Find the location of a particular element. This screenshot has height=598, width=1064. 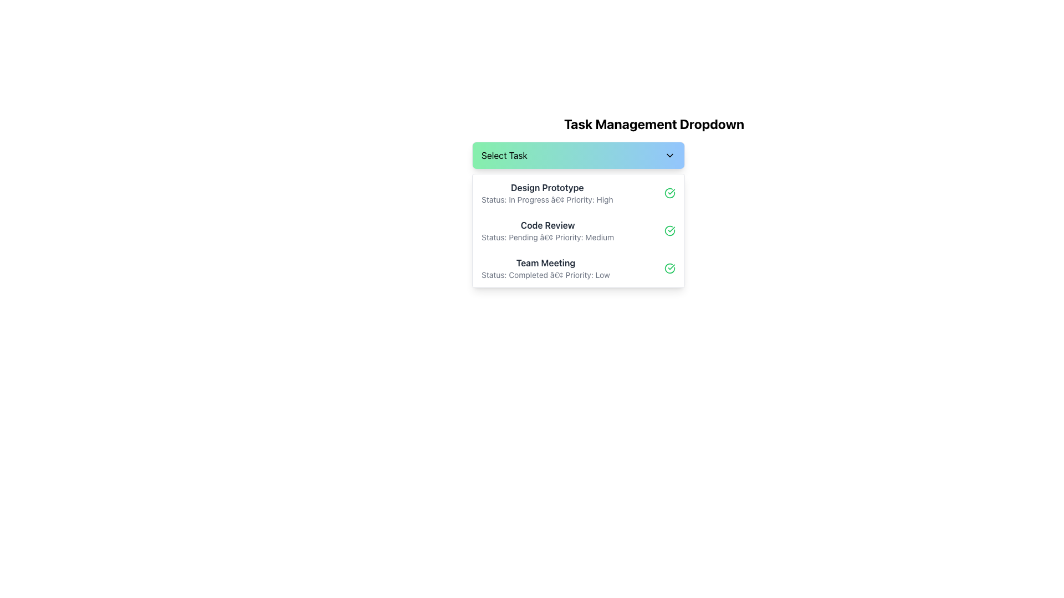

the 'Team Meeting' text label in the dropdown menu is located at coordinates (545, 262).